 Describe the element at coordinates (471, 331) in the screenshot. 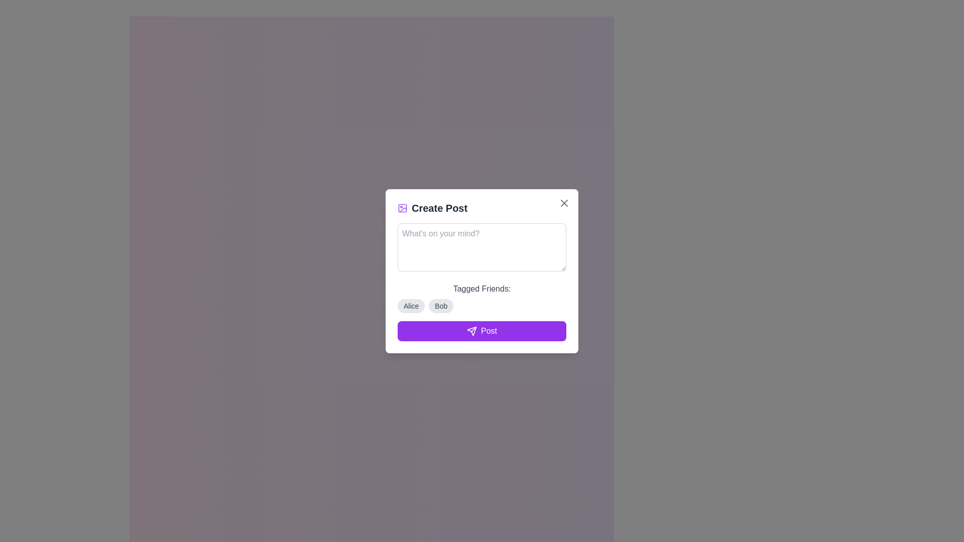

I see `the stylized paper airplane icon located inside the purple 'Post' button` at that location.